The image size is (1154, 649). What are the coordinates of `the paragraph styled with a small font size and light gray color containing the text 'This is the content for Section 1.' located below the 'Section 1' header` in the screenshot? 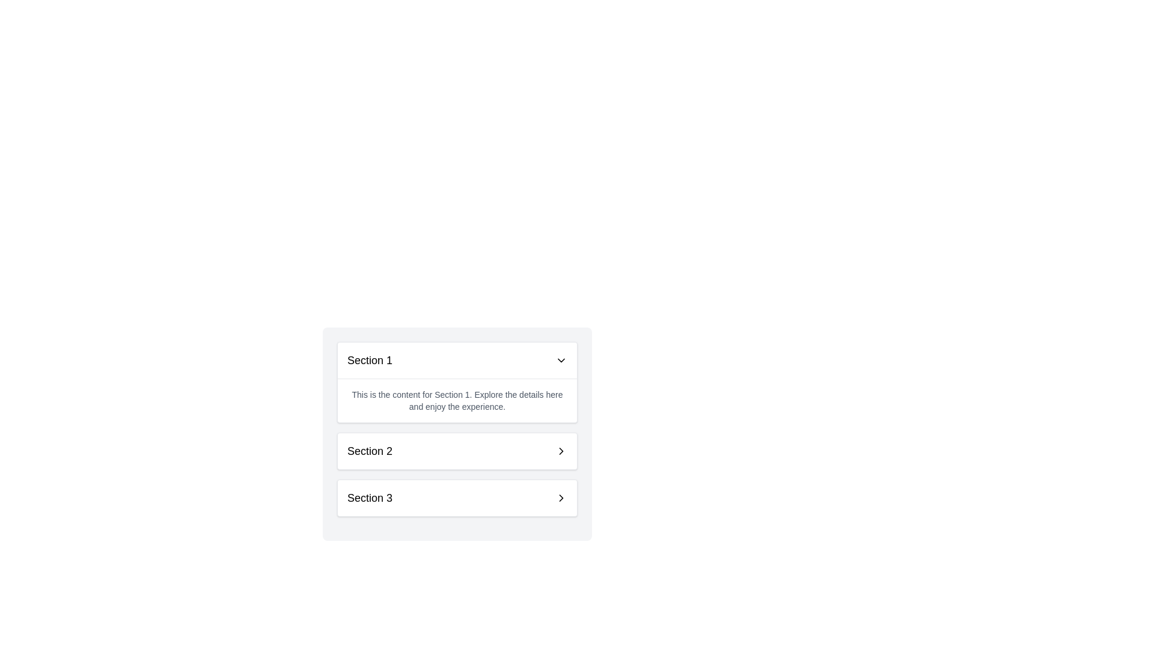 It's located at (457, 400).